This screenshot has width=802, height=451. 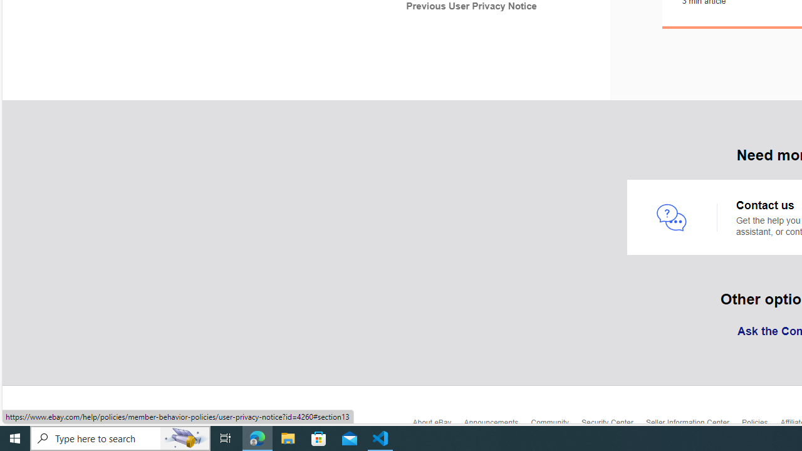 I want to click on 'About eBay', so click(x=438, y=425).